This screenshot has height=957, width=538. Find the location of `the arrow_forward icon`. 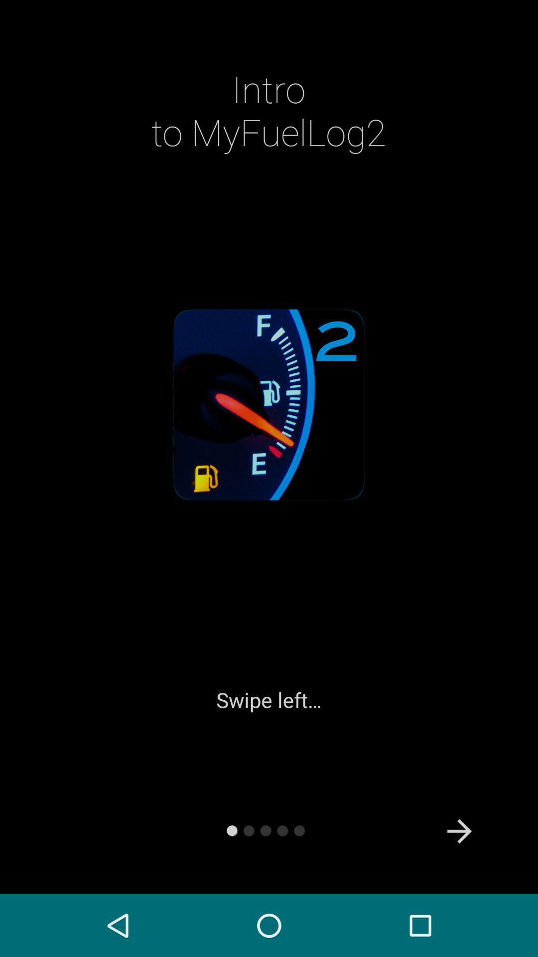

the arrow_forward icon is located at coordinates (459, 831).